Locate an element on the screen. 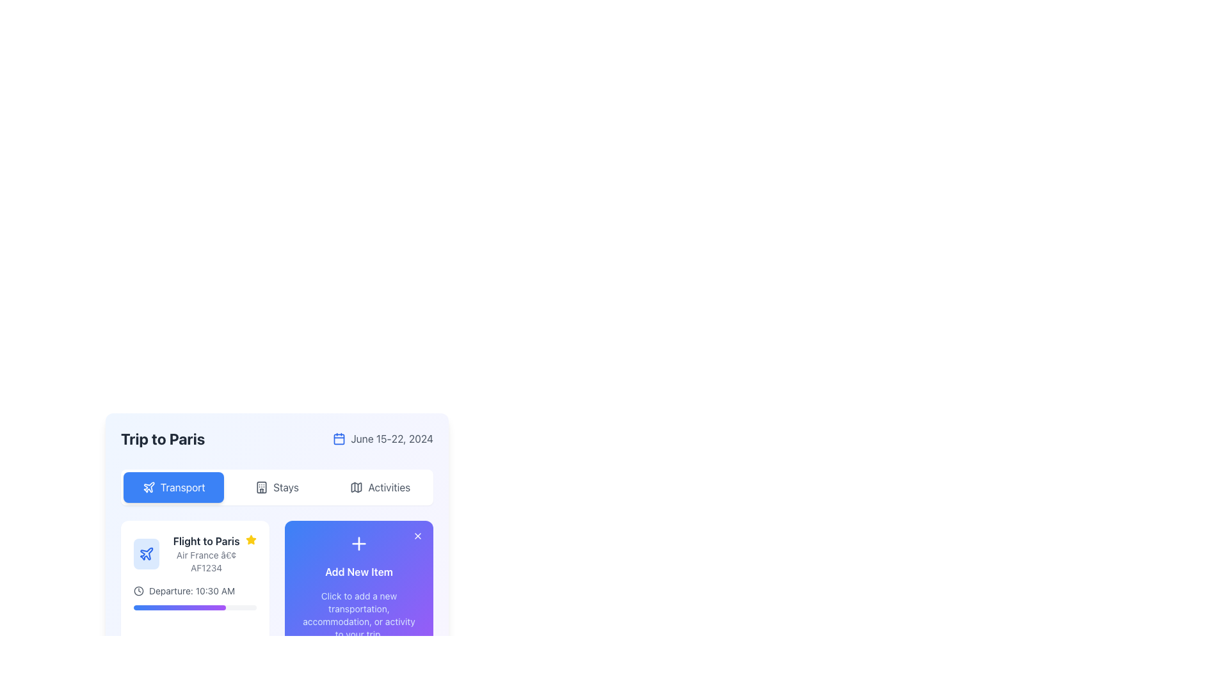 The height and width of the screenshot is (691, 1229). the calendar icon, which is a blue outlined square with a grid pattern and two vertical bars at the top, located to the left of the text 'June 15-22, 2024' in the top right corner of the interface is located at coordinates (339, 438).